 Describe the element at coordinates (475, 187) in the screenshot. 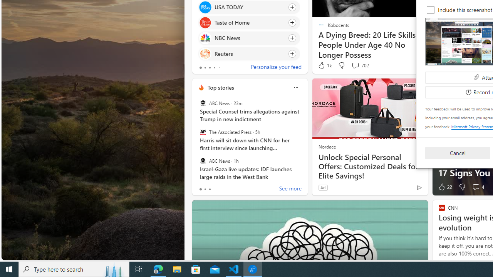

I see `'View comments 4 Comment'` at that location.